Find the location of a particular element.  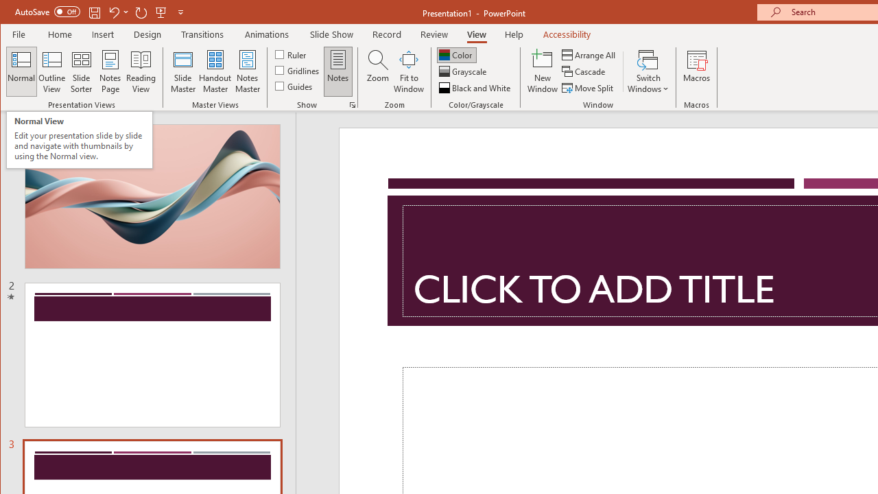

'Handout Master' is located at coordinates (215, 71).